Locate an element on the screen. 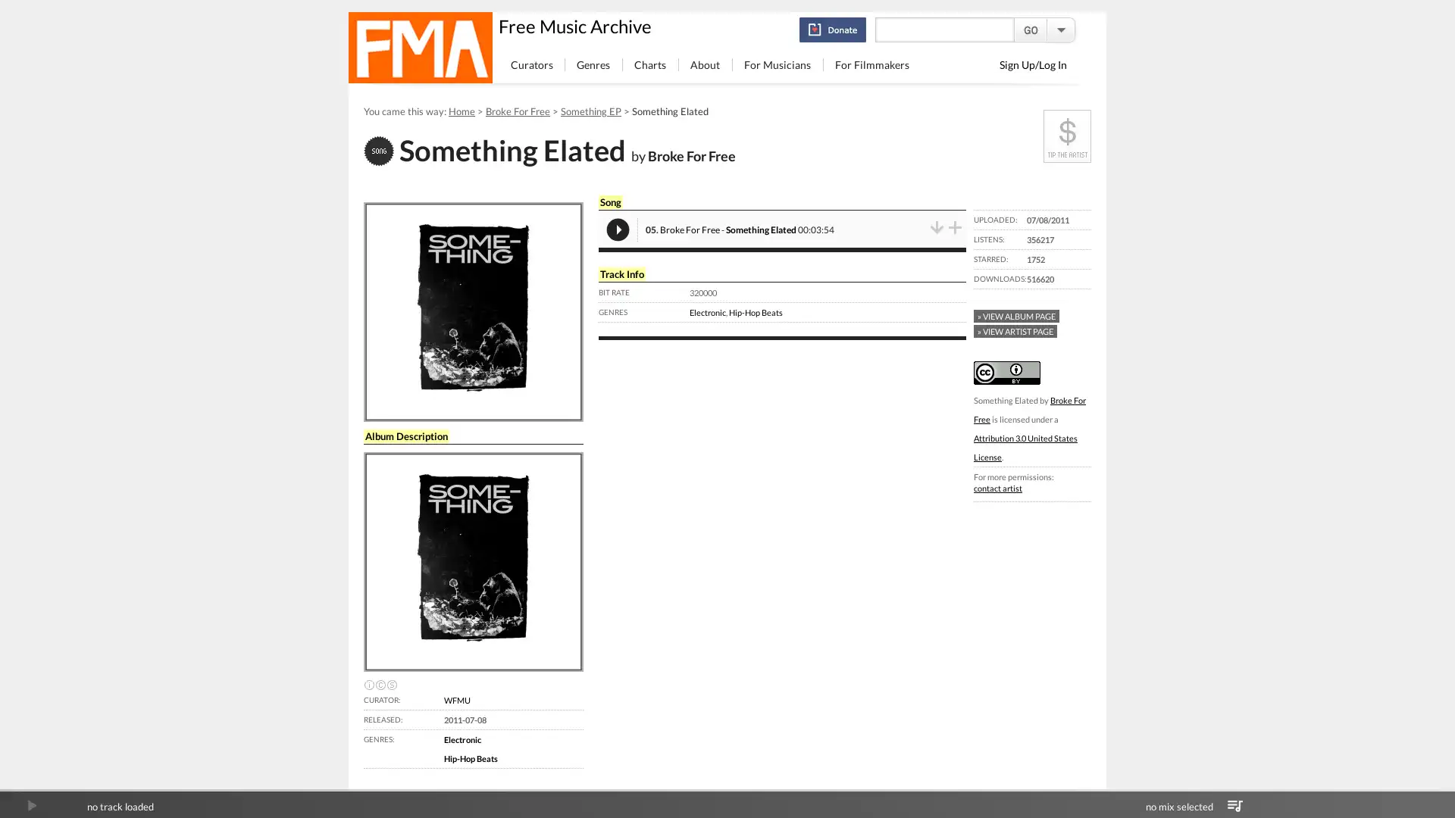 Image resolution: width=1455 pixels, height=818 pixels. play is located at coordinates (31, 805).